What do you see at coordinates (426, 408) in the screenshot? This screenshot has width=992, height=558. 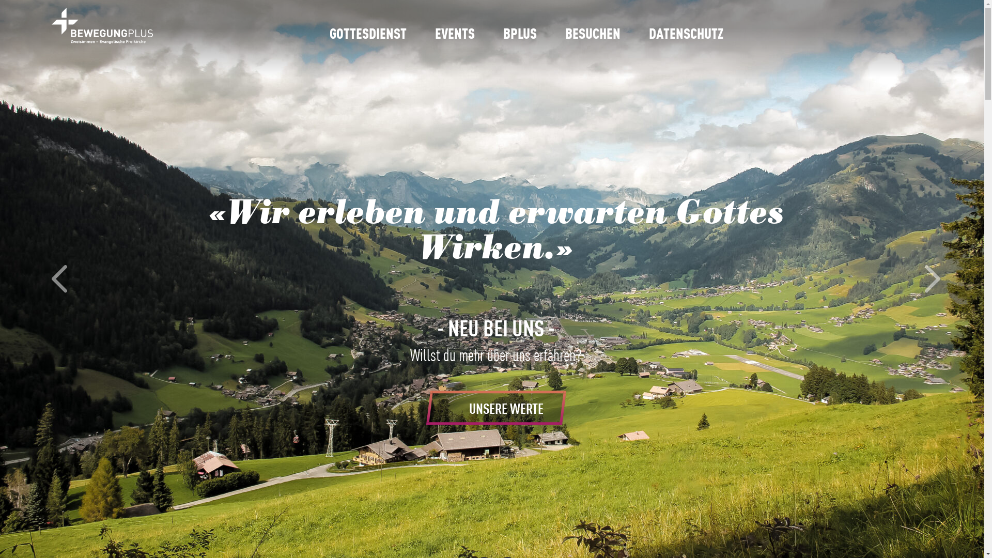 I see `'UNSERE WERTE'` at bounding box center [426, 408].